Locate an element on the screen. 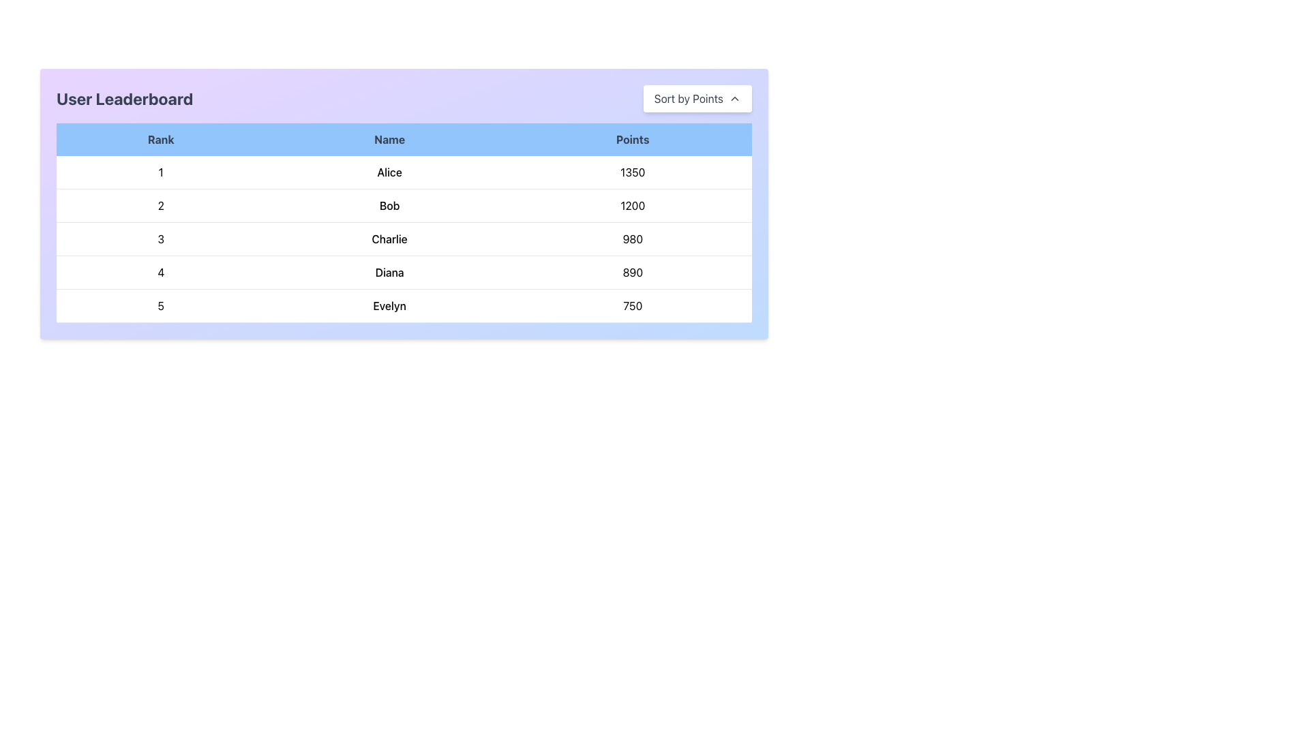 This screenshot has height=736, width=1309. text from the Text Label element displaying 'Bob' in the second row of the table under the 'Name' column is located at coordinates (389, 205).